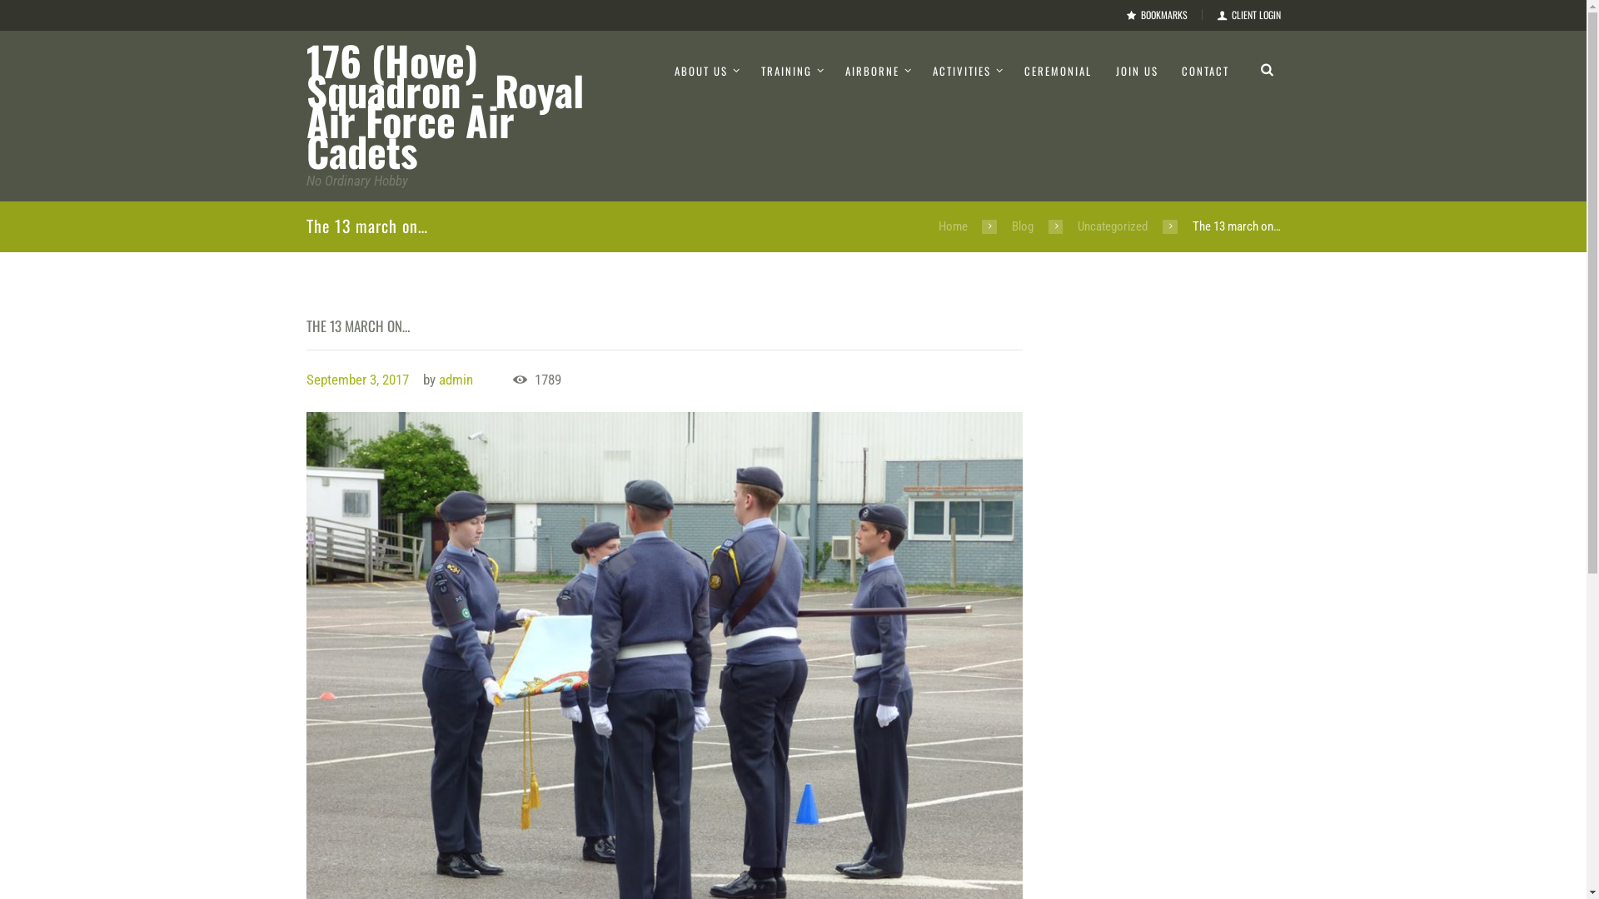 This screenshot has width=1599, height=899. What do you see at coordinates (1266, 67) in the screenshot?
I see `'Open search'` at bounding box center [1266, 67].